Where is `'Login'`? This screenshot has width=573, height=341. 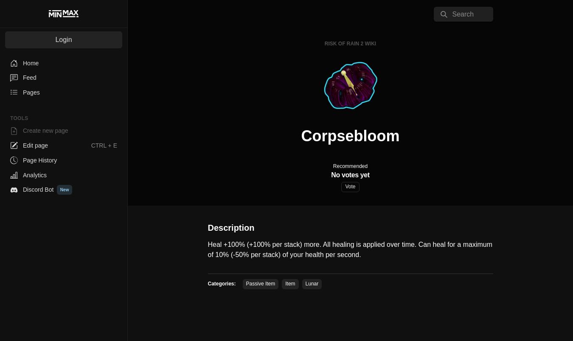
'Login' is located at coordinates (63, 39).